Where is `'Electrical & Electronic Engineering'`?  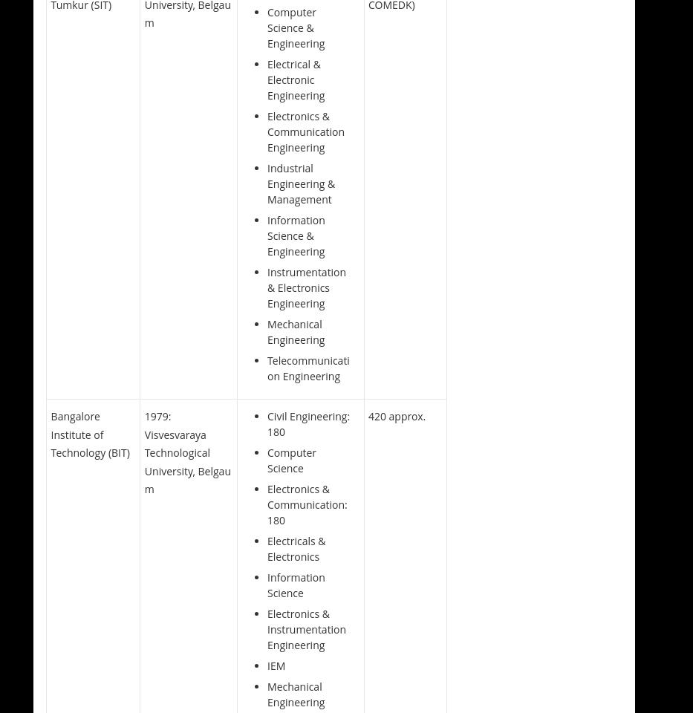
'Electrical & Electronic Engineering' is located at coordinates (296, 79).